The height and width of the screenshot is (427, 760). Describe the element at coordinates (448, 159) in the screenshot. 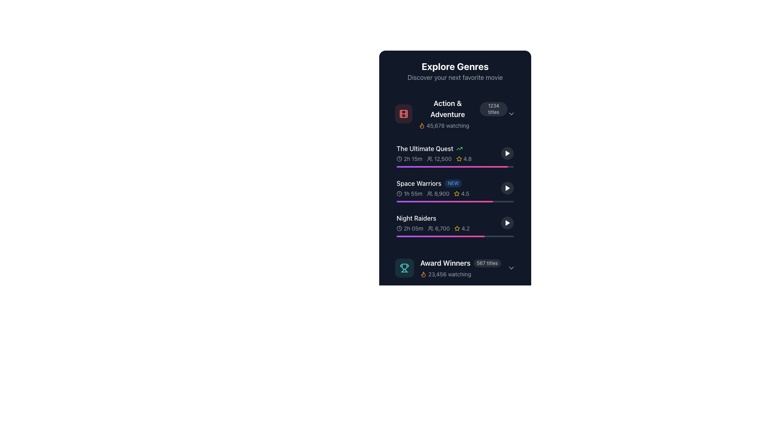

I see `metadata information list located directly beneath the title text 'The Ultimate Quest' in the 'Action & Adventure' category section for quick reference` at that location.